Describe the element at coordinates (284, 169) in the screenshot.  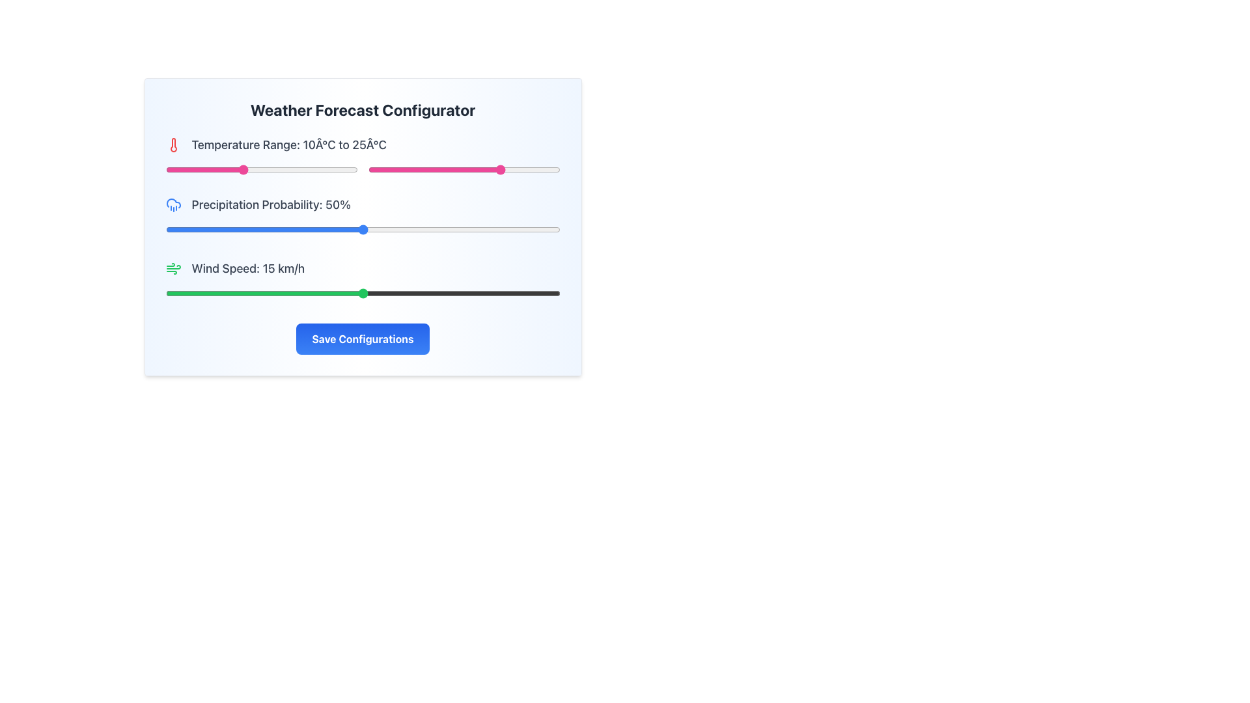
I see `the slider value` at that location.